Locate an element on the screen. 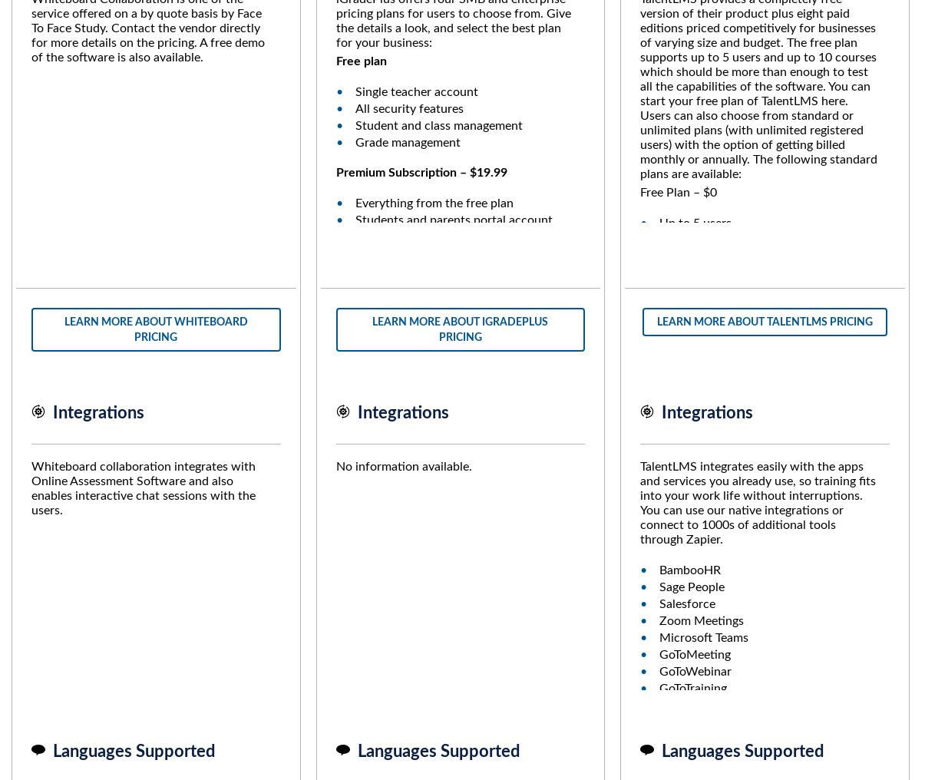  'Administrators account' is located at coordinates (418, 382).